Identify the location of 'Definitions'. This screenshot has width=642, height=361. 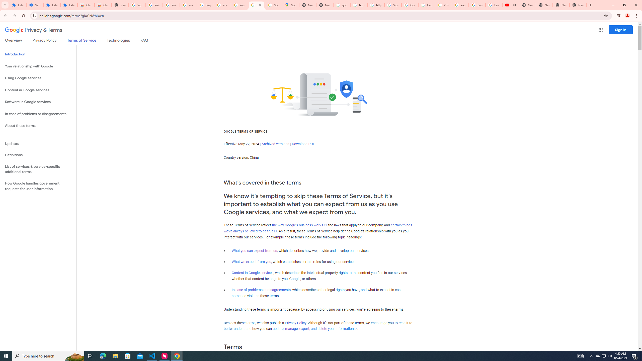
(38, 155).